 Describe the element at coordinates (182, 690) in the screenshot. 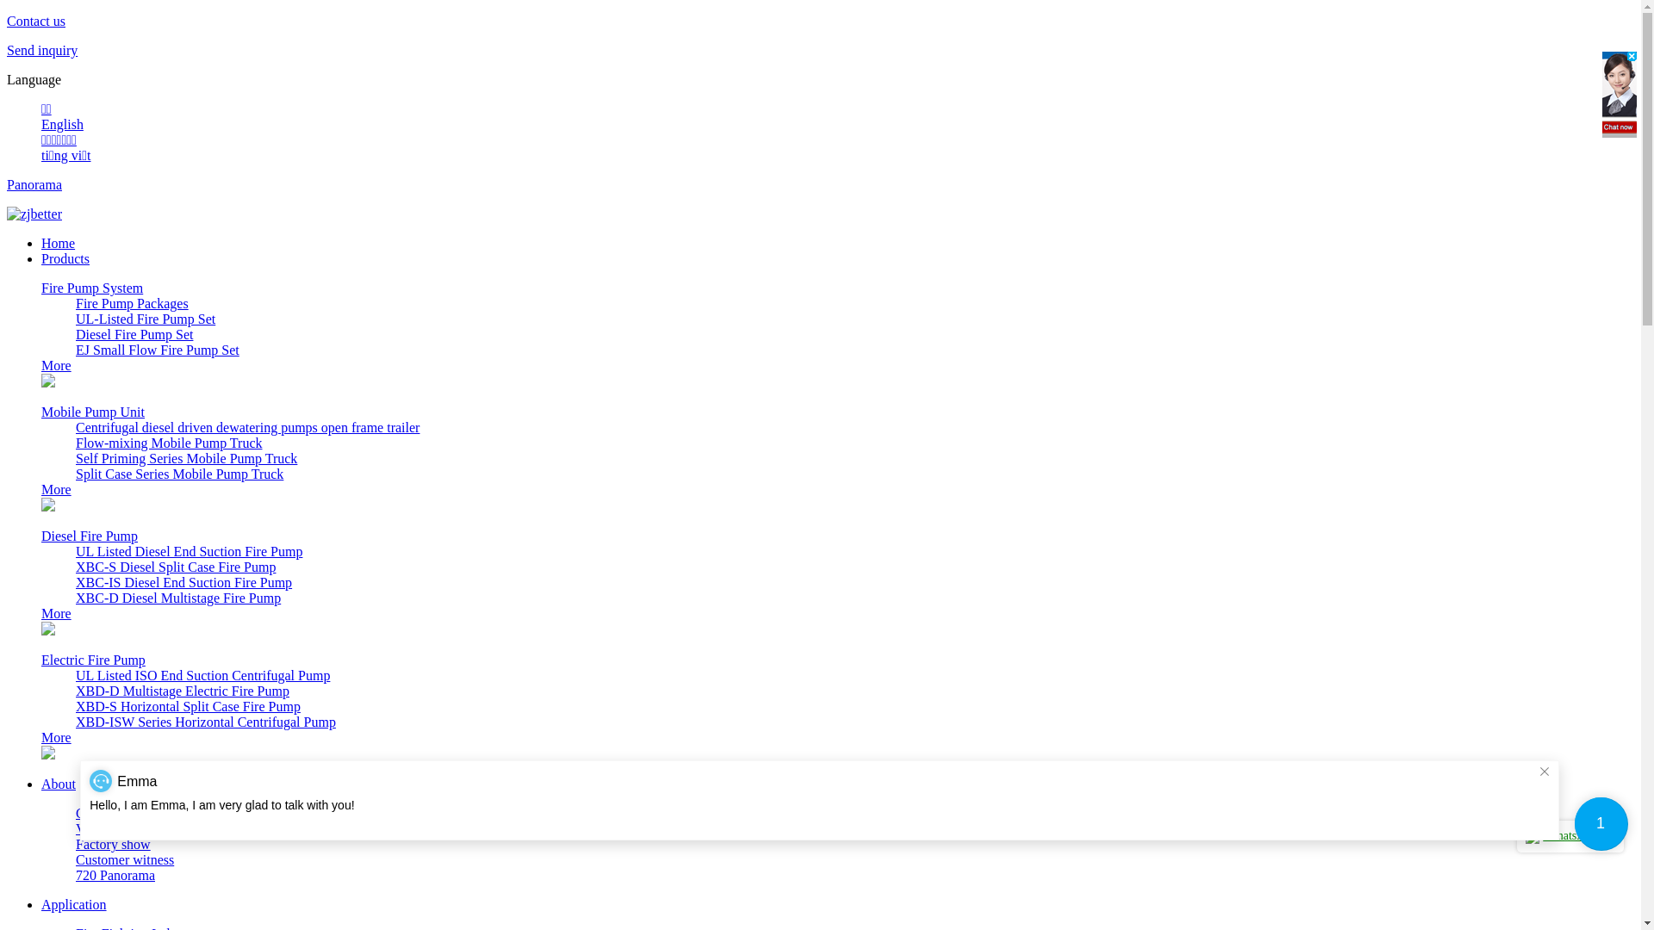

I see `'XBD-D Multistage Electric Fire Pump'` at that location.